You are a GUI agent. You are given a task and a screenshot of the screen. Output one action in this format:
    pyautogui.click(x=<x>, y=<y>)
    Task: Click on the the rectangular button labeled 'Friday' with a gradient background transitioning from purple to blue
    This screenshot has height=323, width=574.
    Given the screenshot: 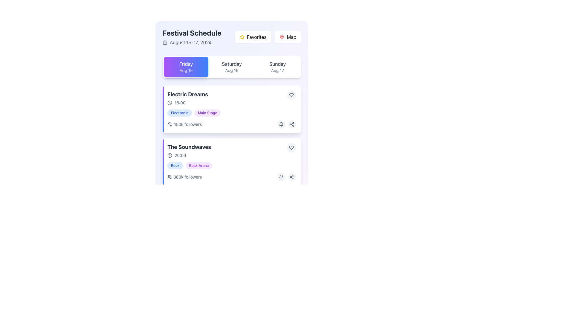 What is the action you would take?
    pyautogui.click(x=186, y=67)
    